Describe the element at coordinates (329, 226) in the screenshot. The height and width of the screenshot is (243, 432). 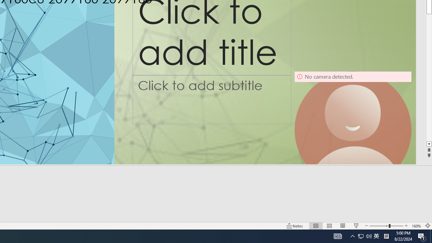
I see `'Slide Sorter'` at that location.